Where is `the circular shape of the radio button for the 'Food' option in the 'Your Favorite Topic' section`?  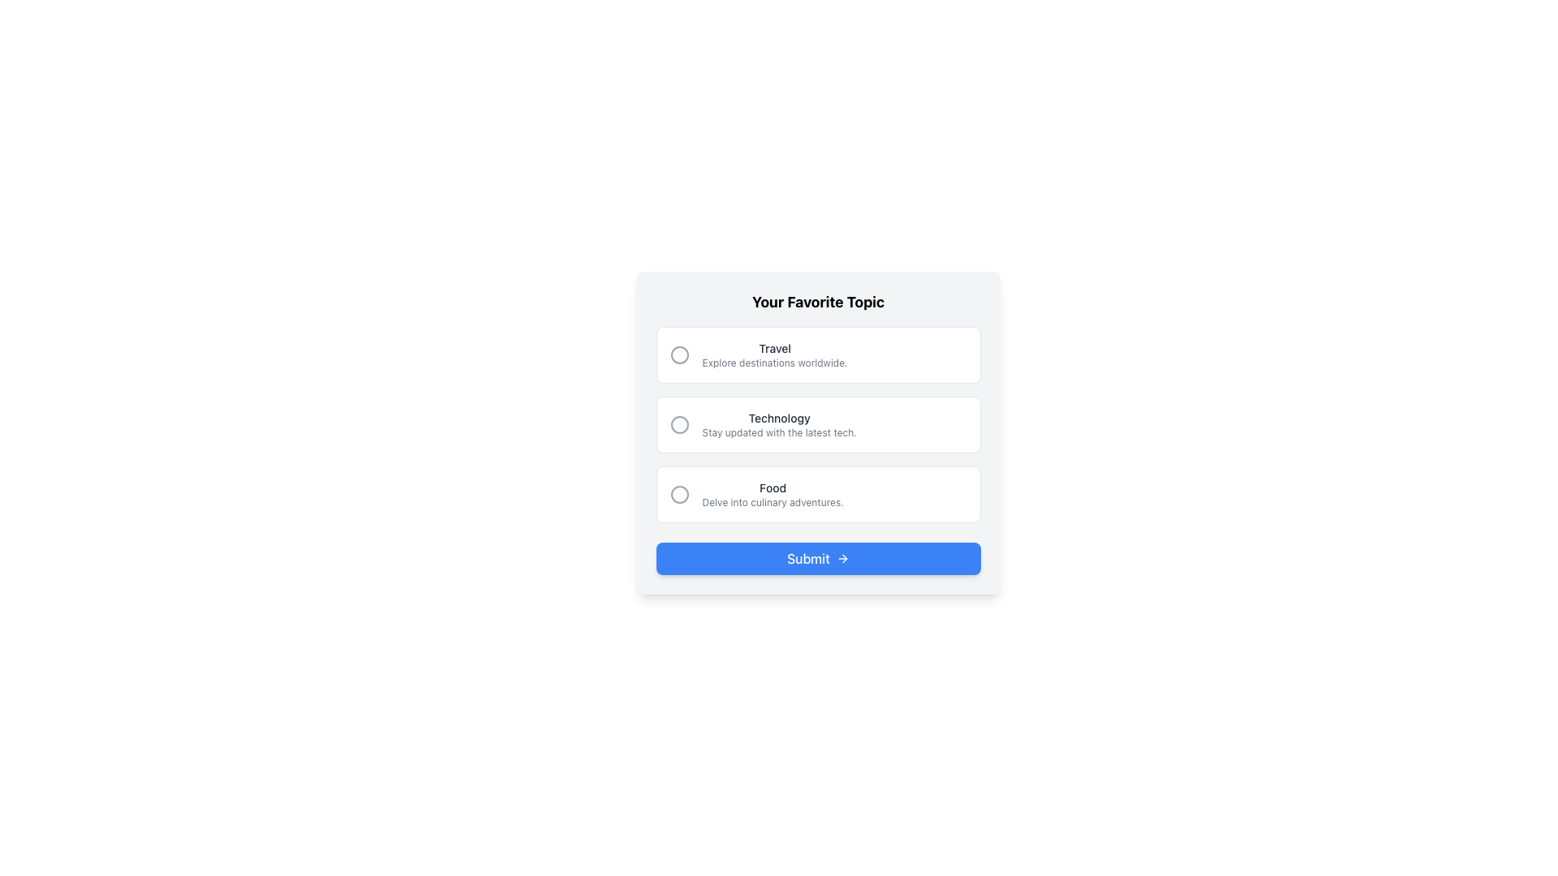
the circular shape of the radio button for the 'Food' option in the 'Your Favorite Topic' section is located at coordinates (679, 493).